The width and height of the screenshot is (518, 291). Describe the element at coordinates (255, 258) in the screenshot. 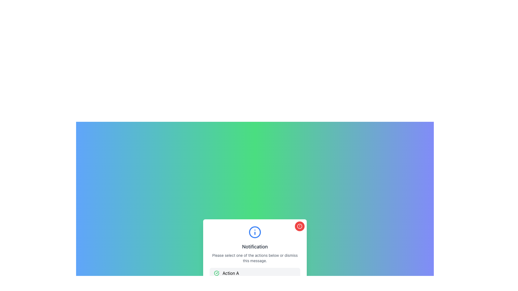

I see `the instructional text styled in gray, located below the 'Notification' header, which reads 'Please select one of the actions below or dismiss this message.'` at that location.